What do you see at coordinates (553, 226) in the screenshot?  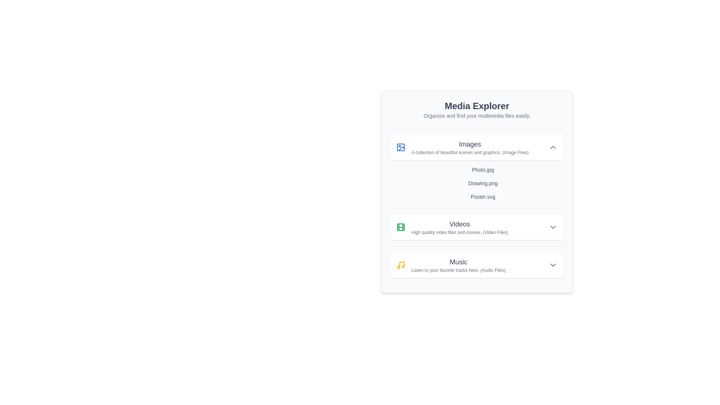 I see `the Dropdown indicator icon in the 'Videos' section` at bounding box center [553, 226].